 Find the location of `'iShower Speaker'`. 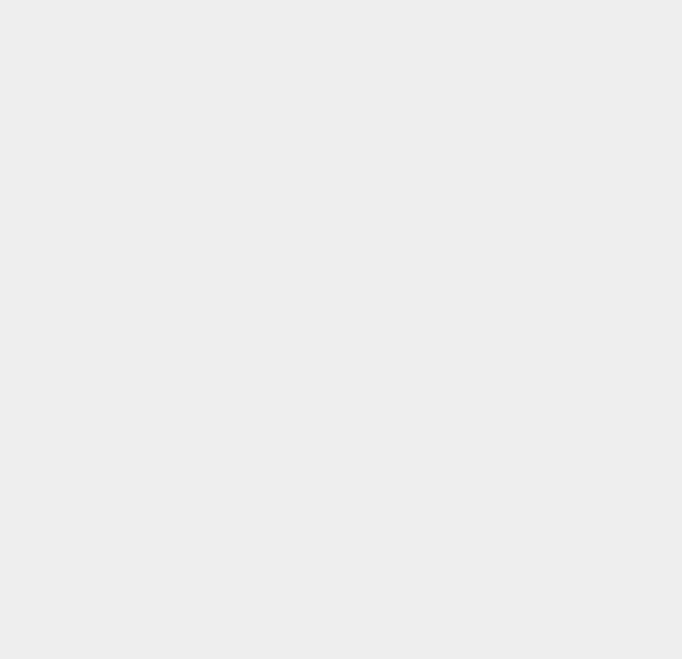

'iShower Speaker' is located at coordinates (482, 642).